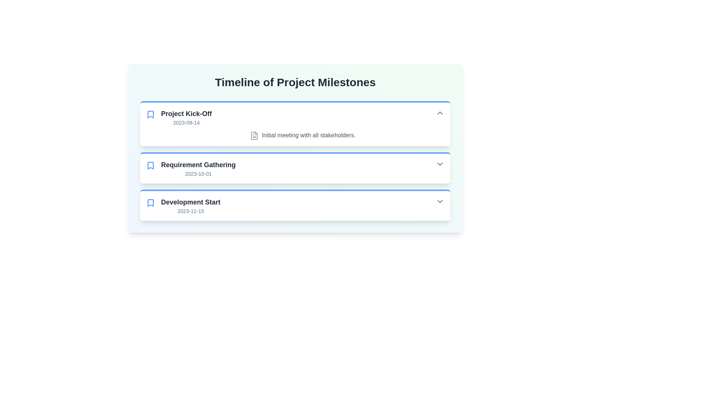 This screenshot has width=716, height=403. What do you see at coordinates (440, 163) in the screenshot?
I see `the chevron icon located at the rightmost position of the 'Requirement Gathering' milestone header` at bounding box center [440, 163].